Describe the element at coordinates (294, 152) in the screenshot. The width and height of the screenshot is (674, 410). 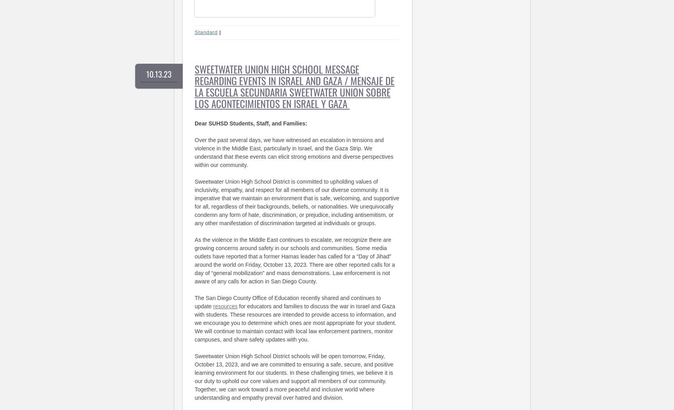
I see `'Over the past several days, we have witnessed an escalation in tensions and violence in the Middle East, particularly in Israel, and the Gaza Strip. We understand that these events can elicit strong emotions and diverse perspectives within our community.'` at that location.